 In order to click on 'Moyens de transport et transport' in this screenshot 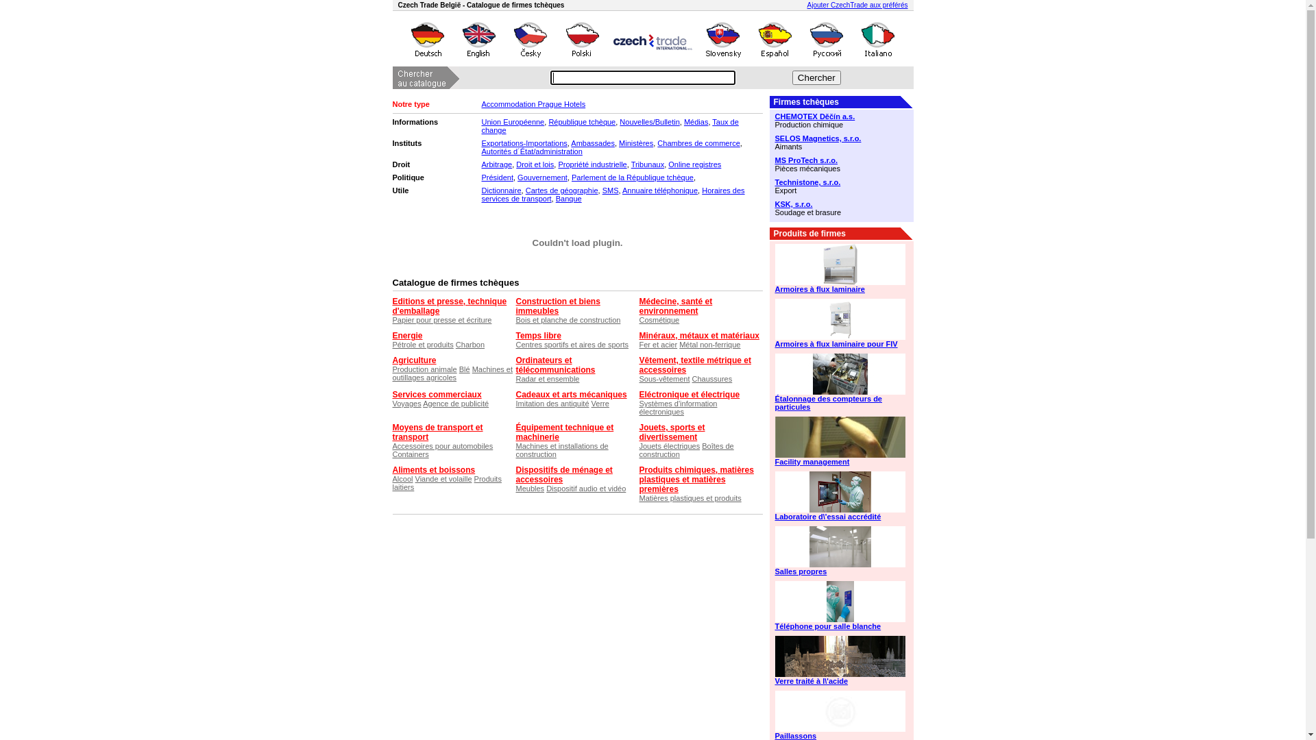, I will do `click(437, 432)`.